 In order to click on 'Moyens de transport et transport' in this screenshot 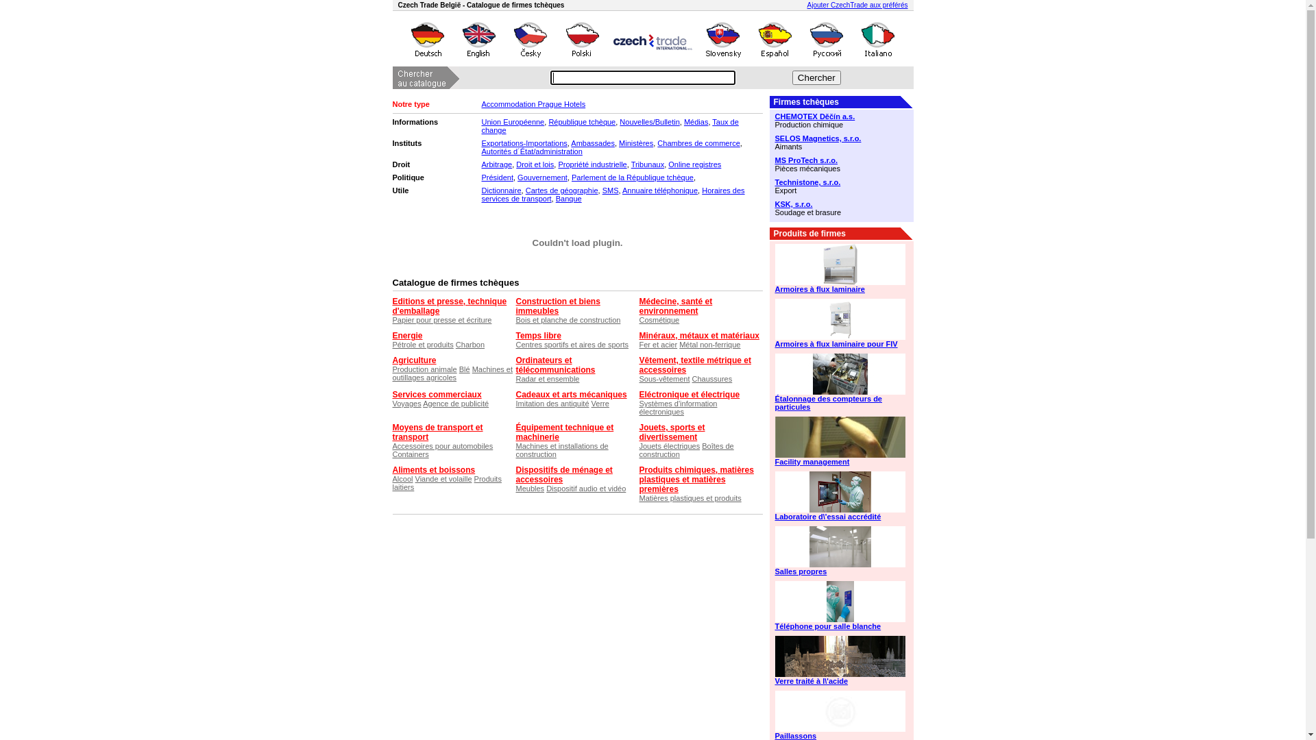, I will do `click(437, 432)`.